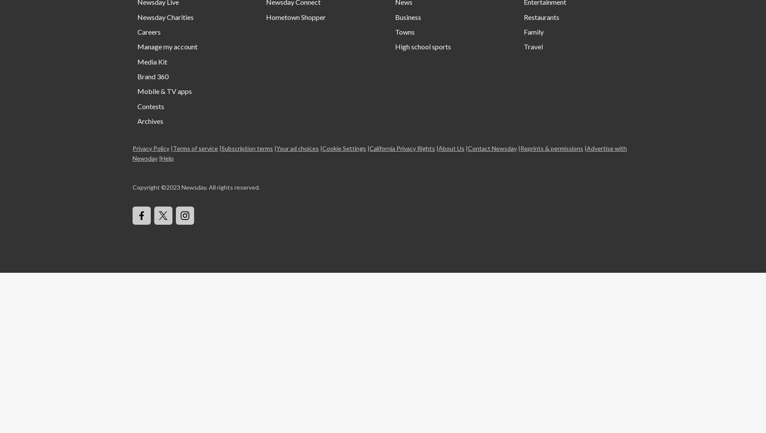  Describe the element at coordinates (298, 147) in the screenshot. I see `'Your ad choices'` at that location.